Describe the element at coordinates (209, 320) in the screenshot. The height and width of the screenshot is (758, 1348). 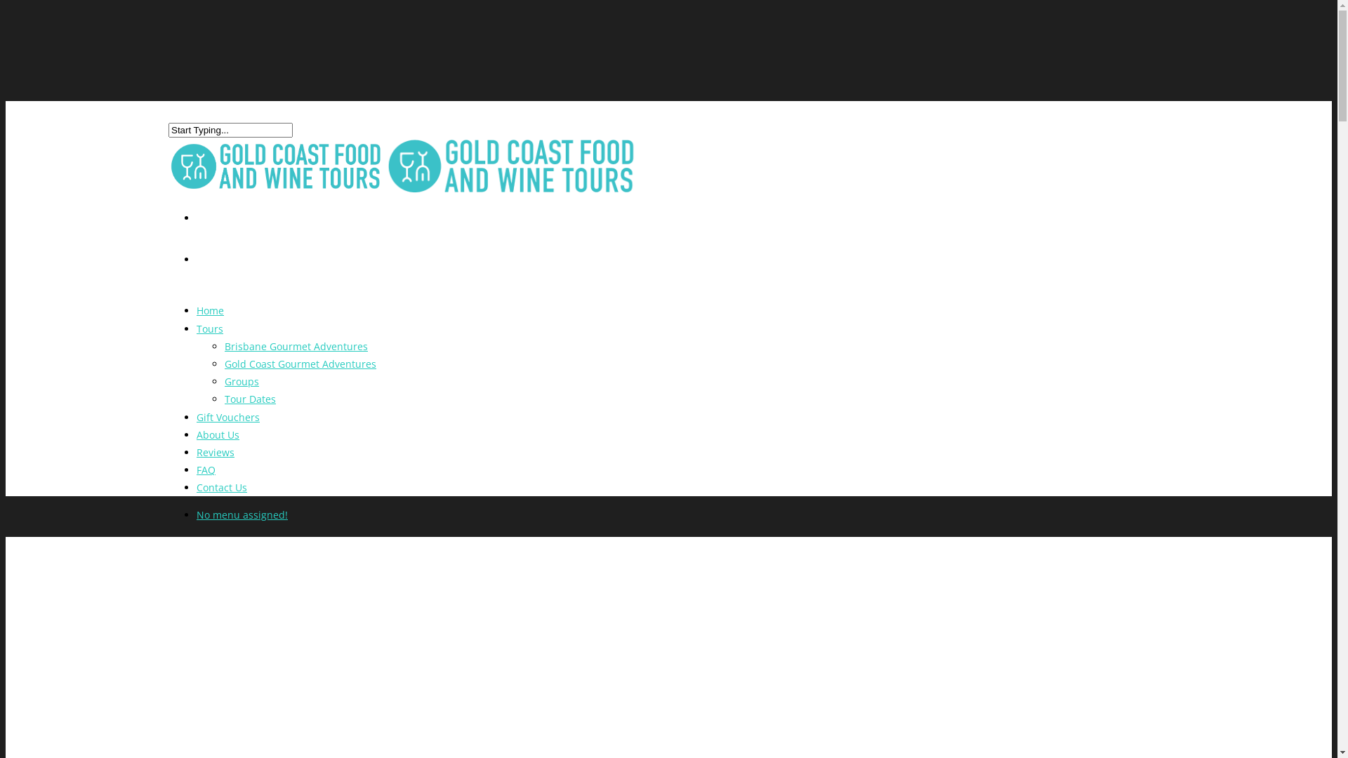
I see `'Home'` at that location.